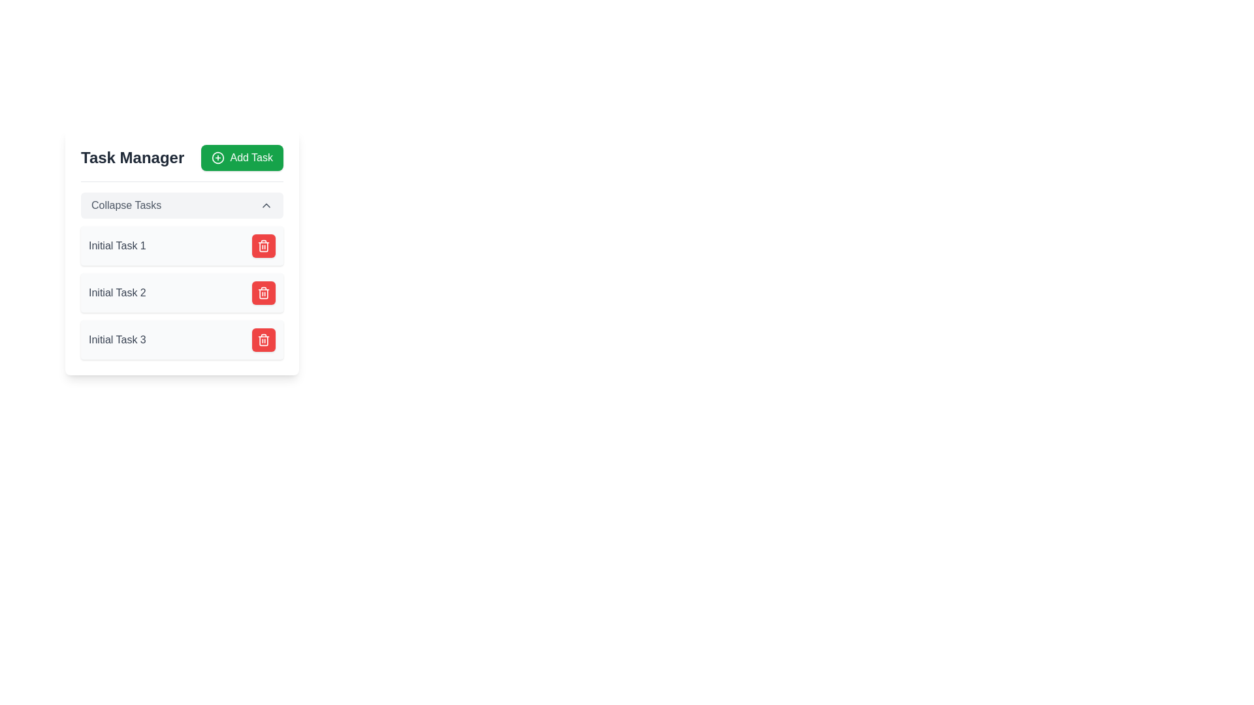 This screenshot has height=705, width=1254. What do you see at coordinates (117, 292) in the screenshot?
I see `the Text Label displaying the name or description of the second task in the list, located between 'Initial Task 1' and 'Initial Task 3'` at bounding box center [117, 292].